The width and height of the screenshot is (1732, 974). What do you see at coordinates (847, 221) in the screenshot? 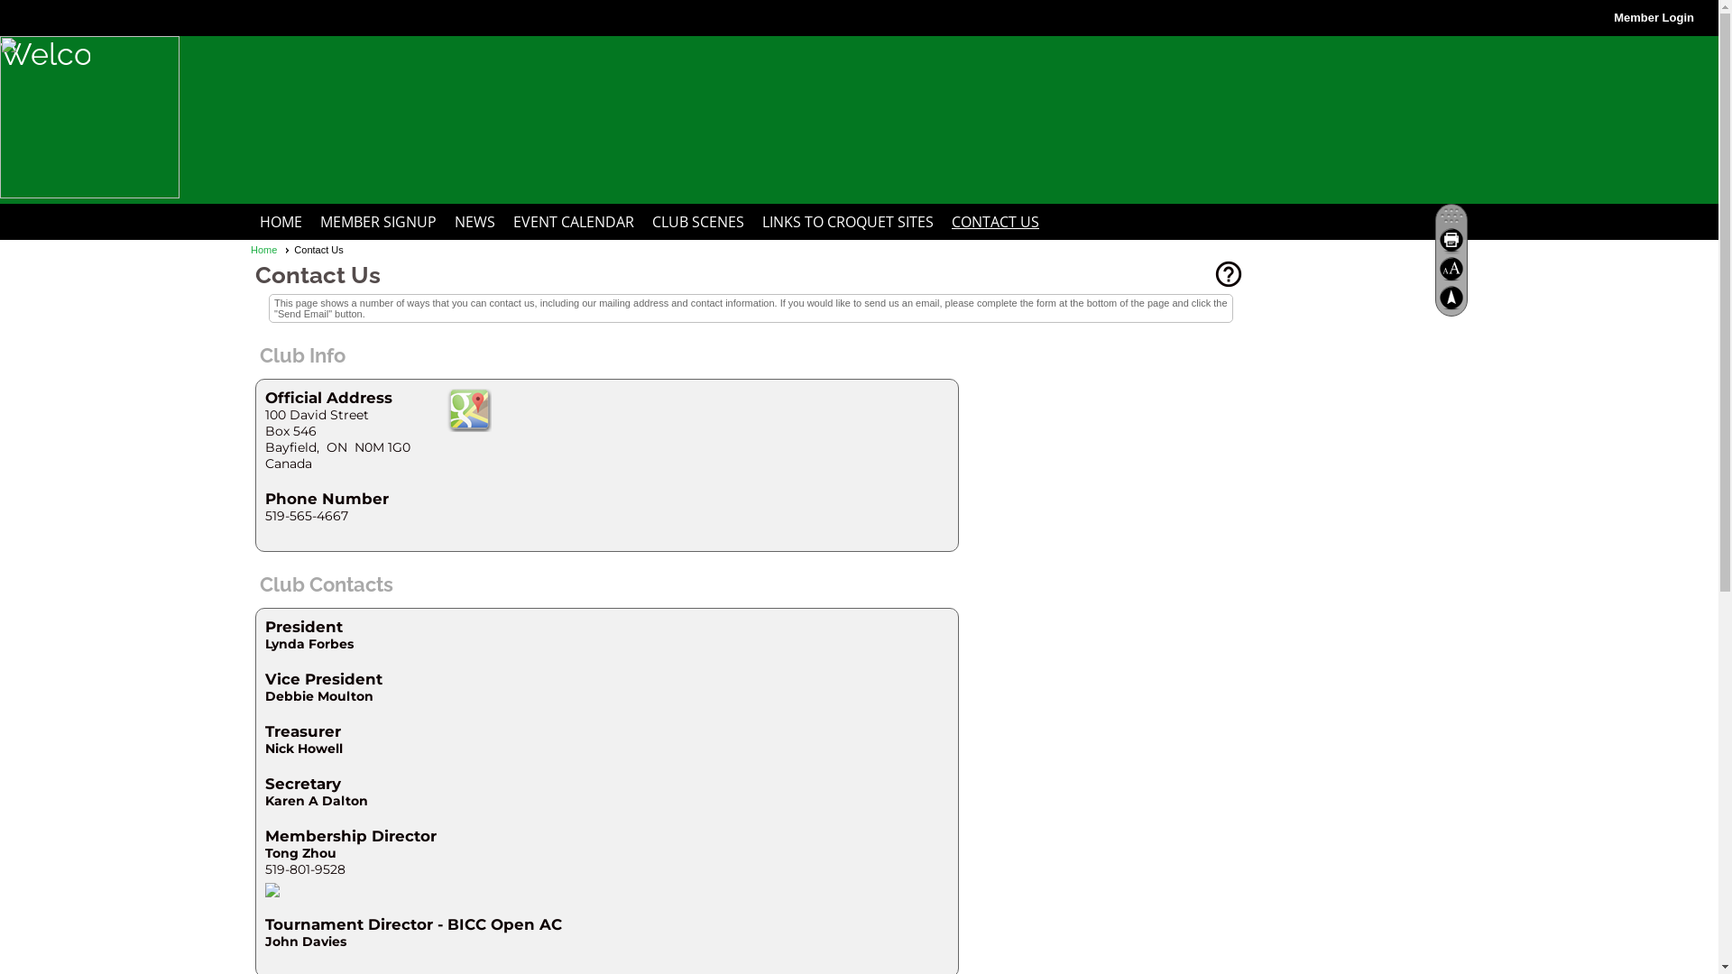
I see `'LINKS TO CROQUET SITES'` at bounding box center [847, 221].